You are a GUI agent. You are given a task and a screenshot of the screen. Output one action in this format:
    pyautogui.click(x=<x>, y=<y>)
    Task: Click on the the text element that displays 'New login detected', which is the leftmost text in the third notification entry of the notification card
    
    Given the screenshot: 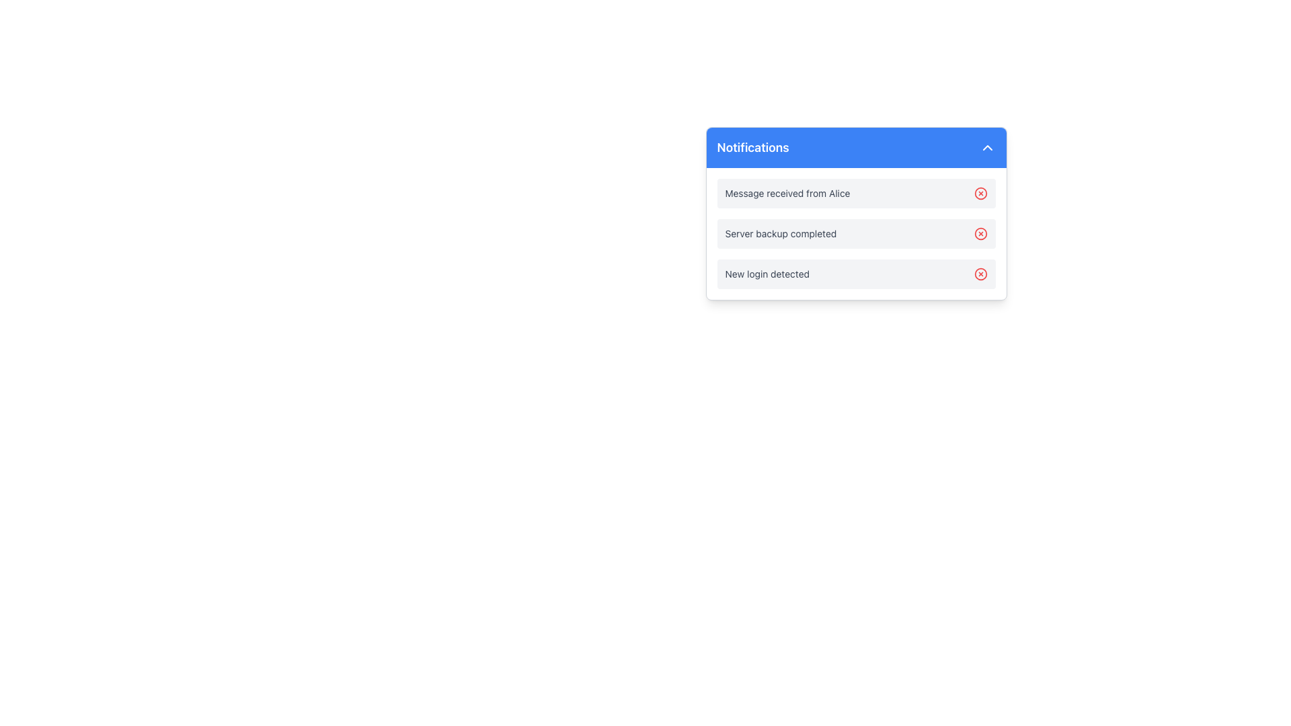 What is the action you would take?
    pyautogui.click(x=767, y=274)
    